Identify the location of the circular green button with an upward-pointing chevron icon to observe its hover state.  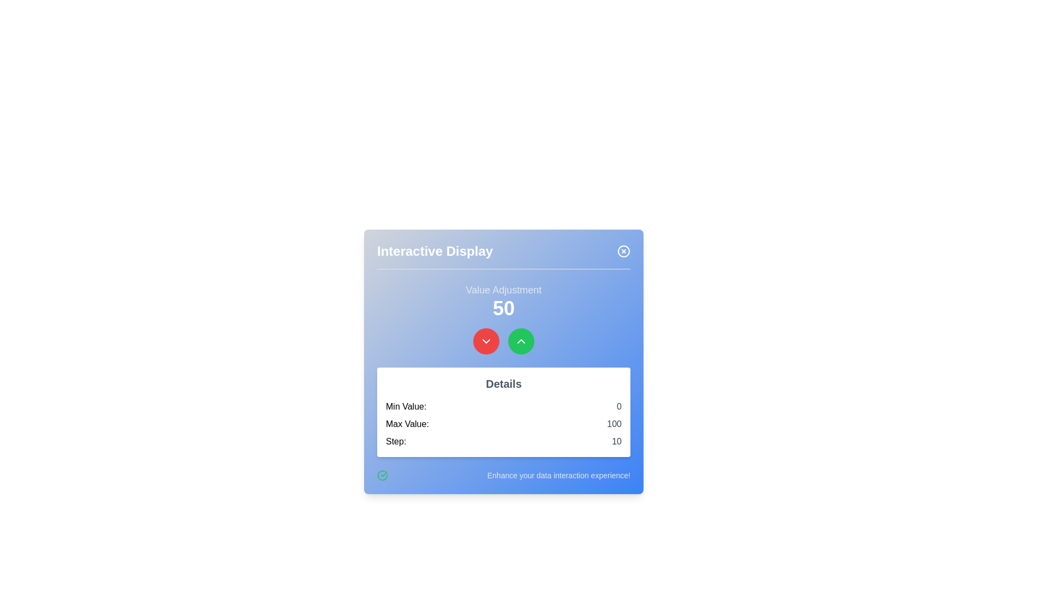
(521, 340).